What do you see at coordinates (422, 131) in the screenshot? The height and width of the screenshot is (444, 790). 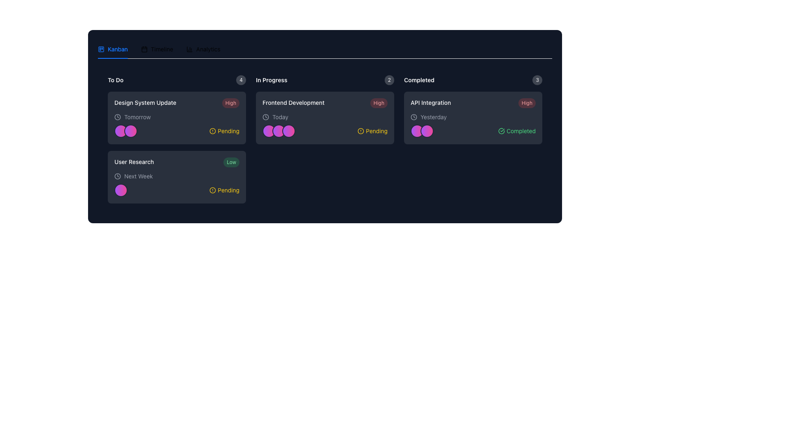 I see `the decorative icon representing collaborators in the 'Completed' column for the 'API Integration' card, located below 'Yesterday' and adjacent to the 'Completed' status label` at bounding box center [422, 131].